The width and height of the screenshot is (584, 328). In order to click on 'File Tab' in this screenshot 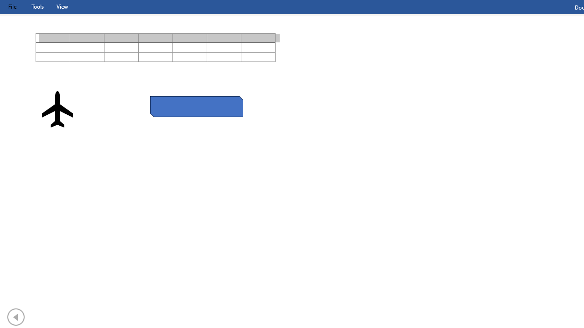, I will do `click(12, 6)`.